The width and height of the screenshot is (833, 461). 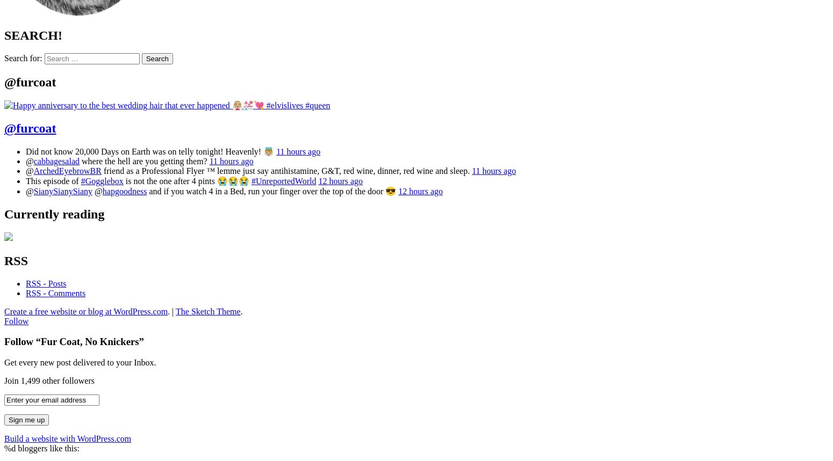 What do you see at coordinates (80, 362) in the screenshot?
I see `'Get every new post delivered to your Inbox.'` at bounding box center [80, 362].